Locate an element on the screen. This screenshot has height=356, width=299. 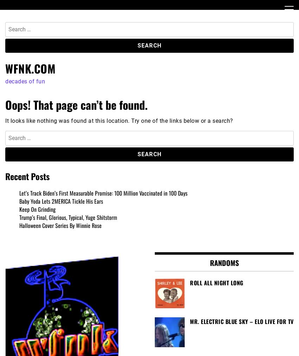
'Recent Posts' is located at coordinates (27, 176).